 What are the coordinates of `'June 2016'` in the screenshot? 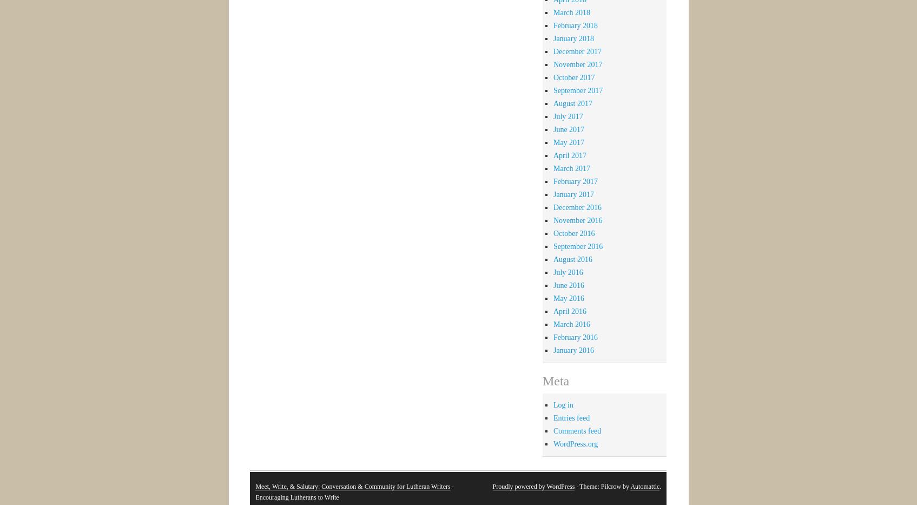 It's located at (569, 284).